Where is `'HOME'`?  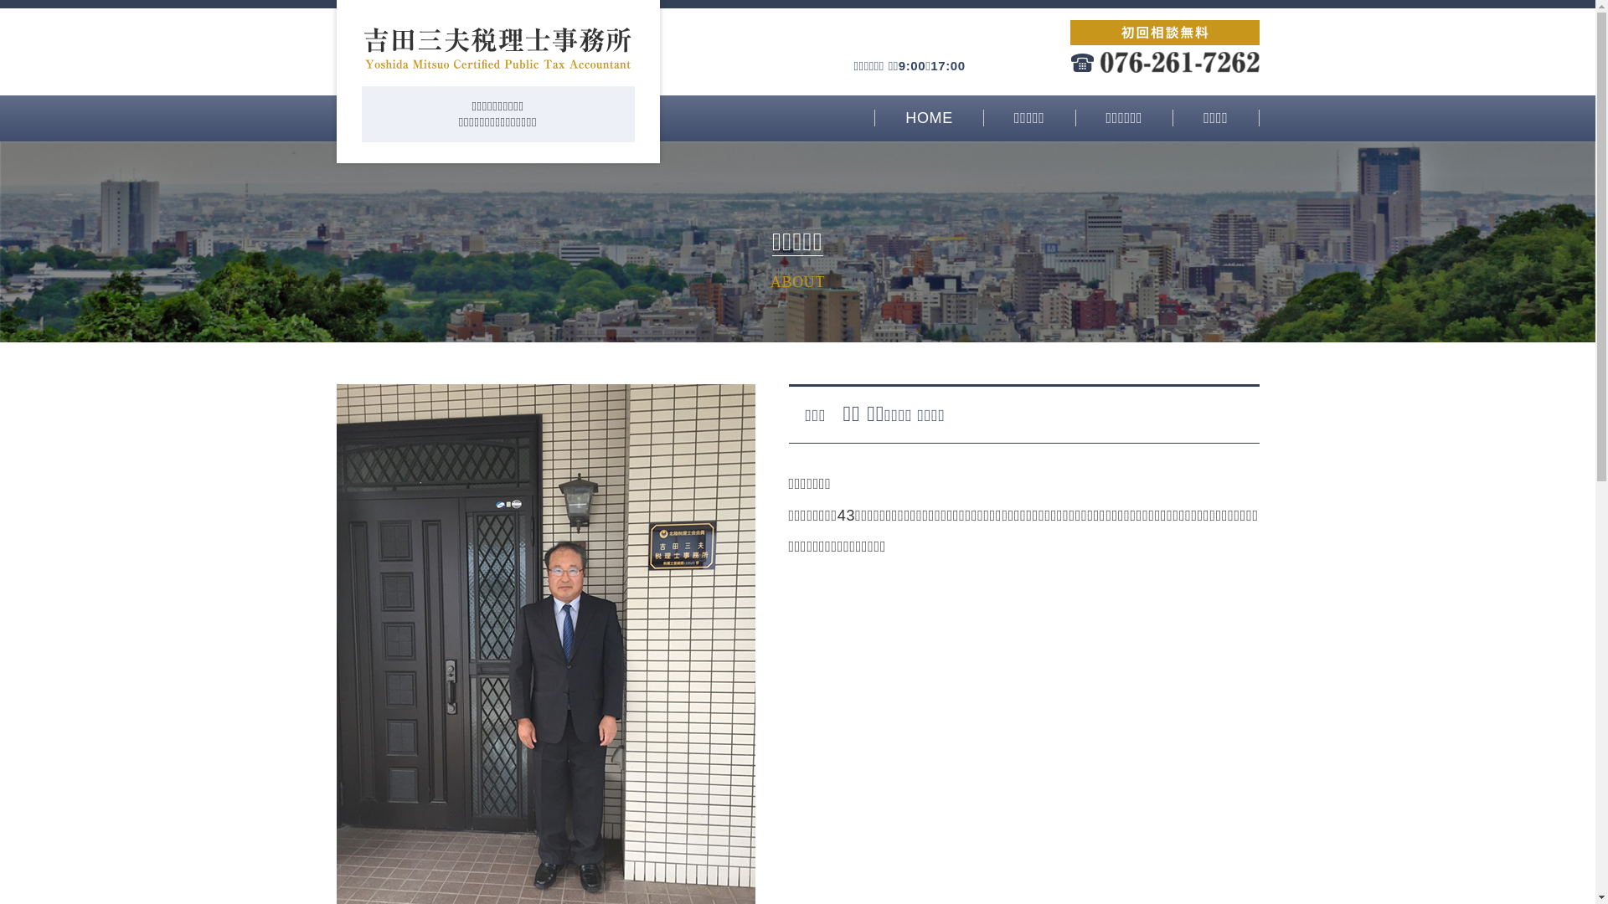
'HOME' is located at coordinates (927, 117).